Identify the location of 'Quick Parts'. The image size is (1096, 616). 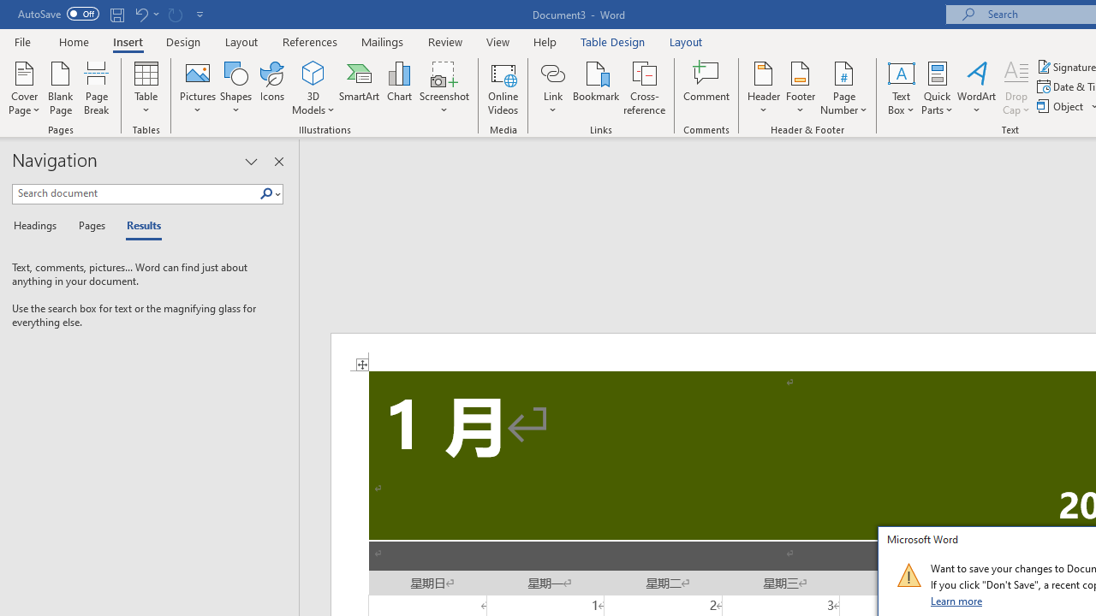
(937, 88).